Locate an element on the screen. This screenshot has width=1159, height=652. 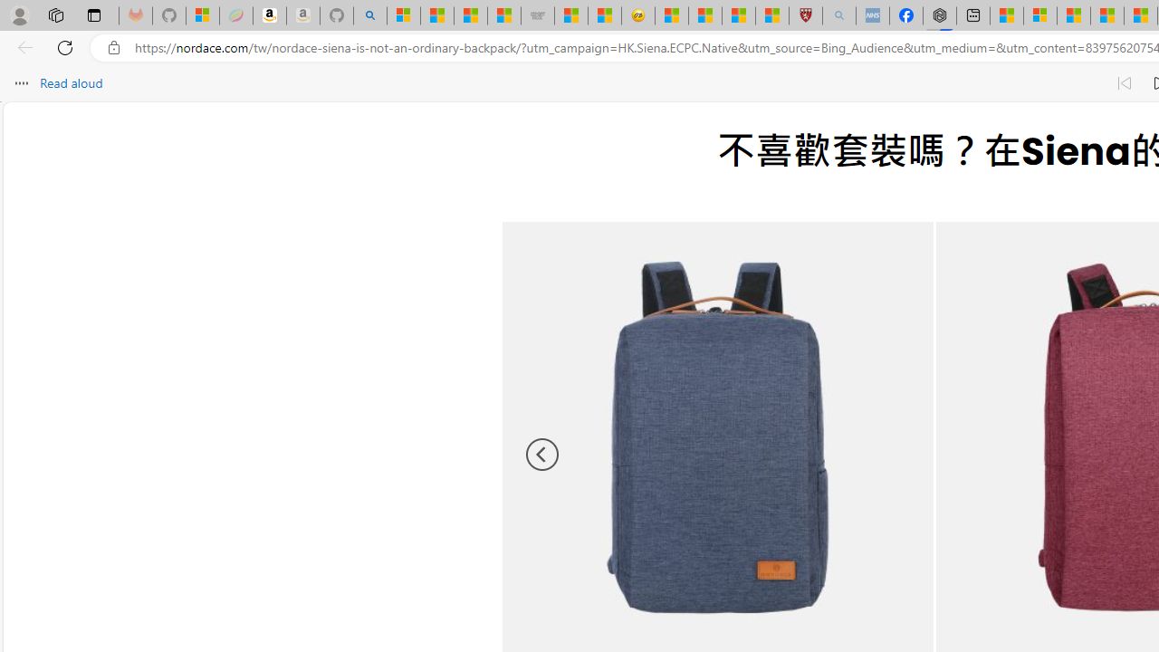
'Class: flickity-button-icon' is located at coordinates (541, 454).